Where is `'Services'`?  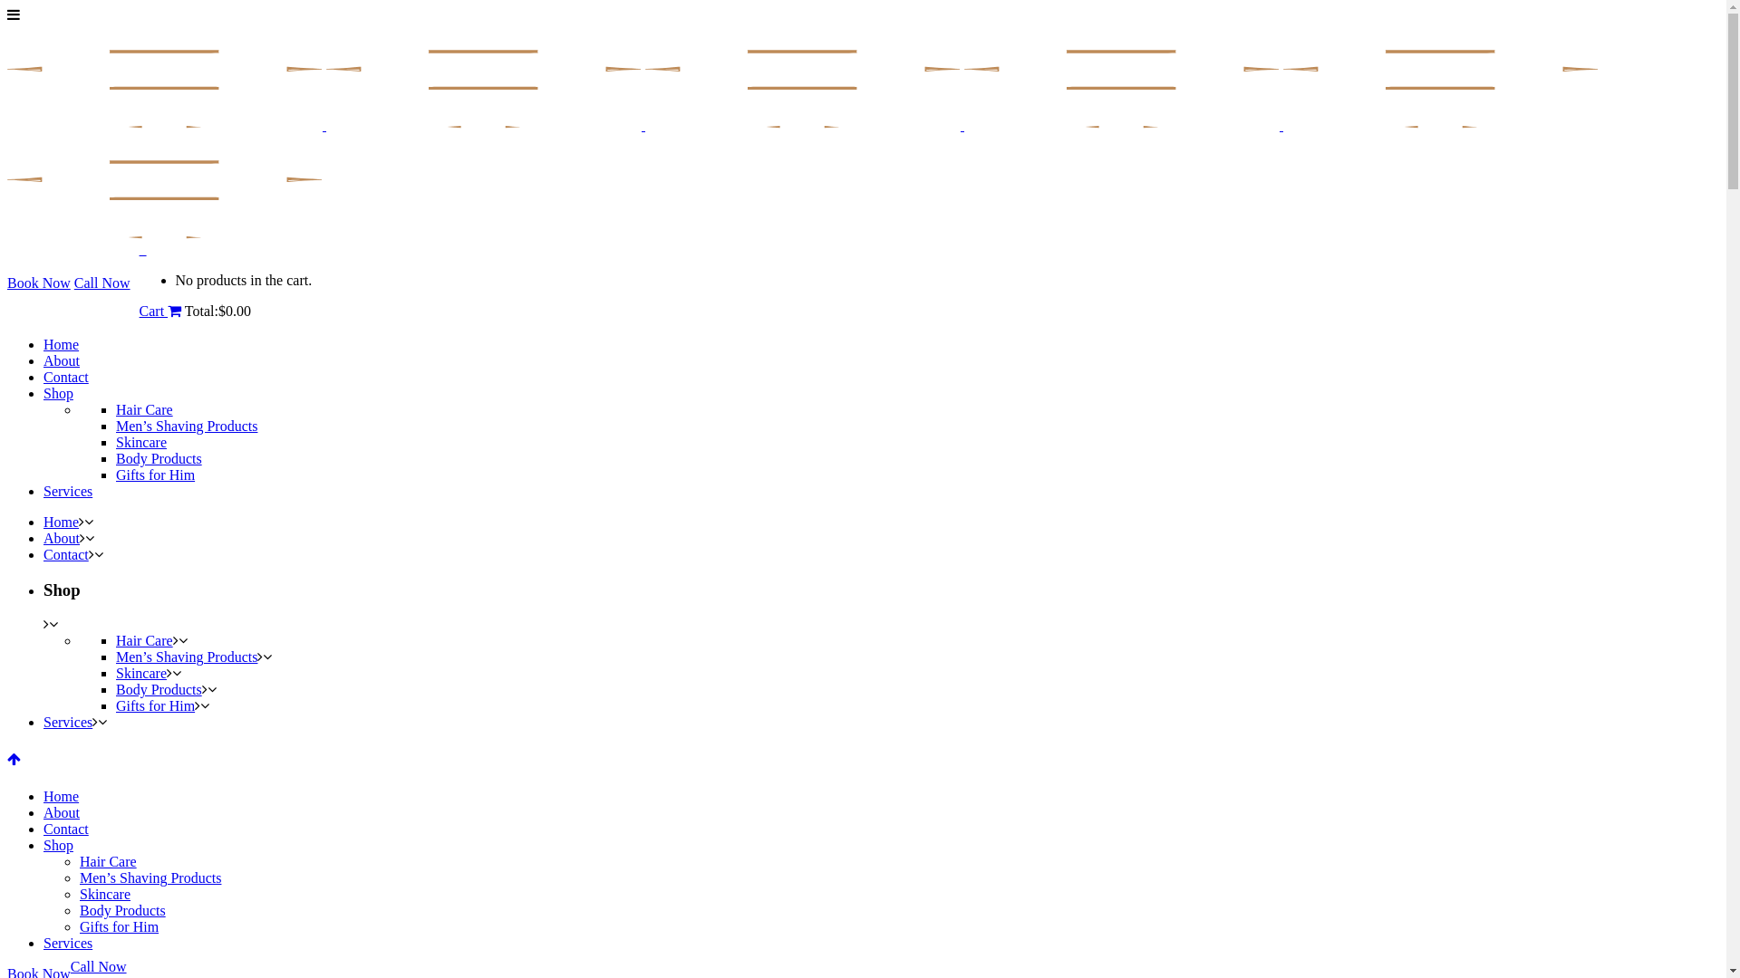 'Services' is located at coordinates (68, 942).